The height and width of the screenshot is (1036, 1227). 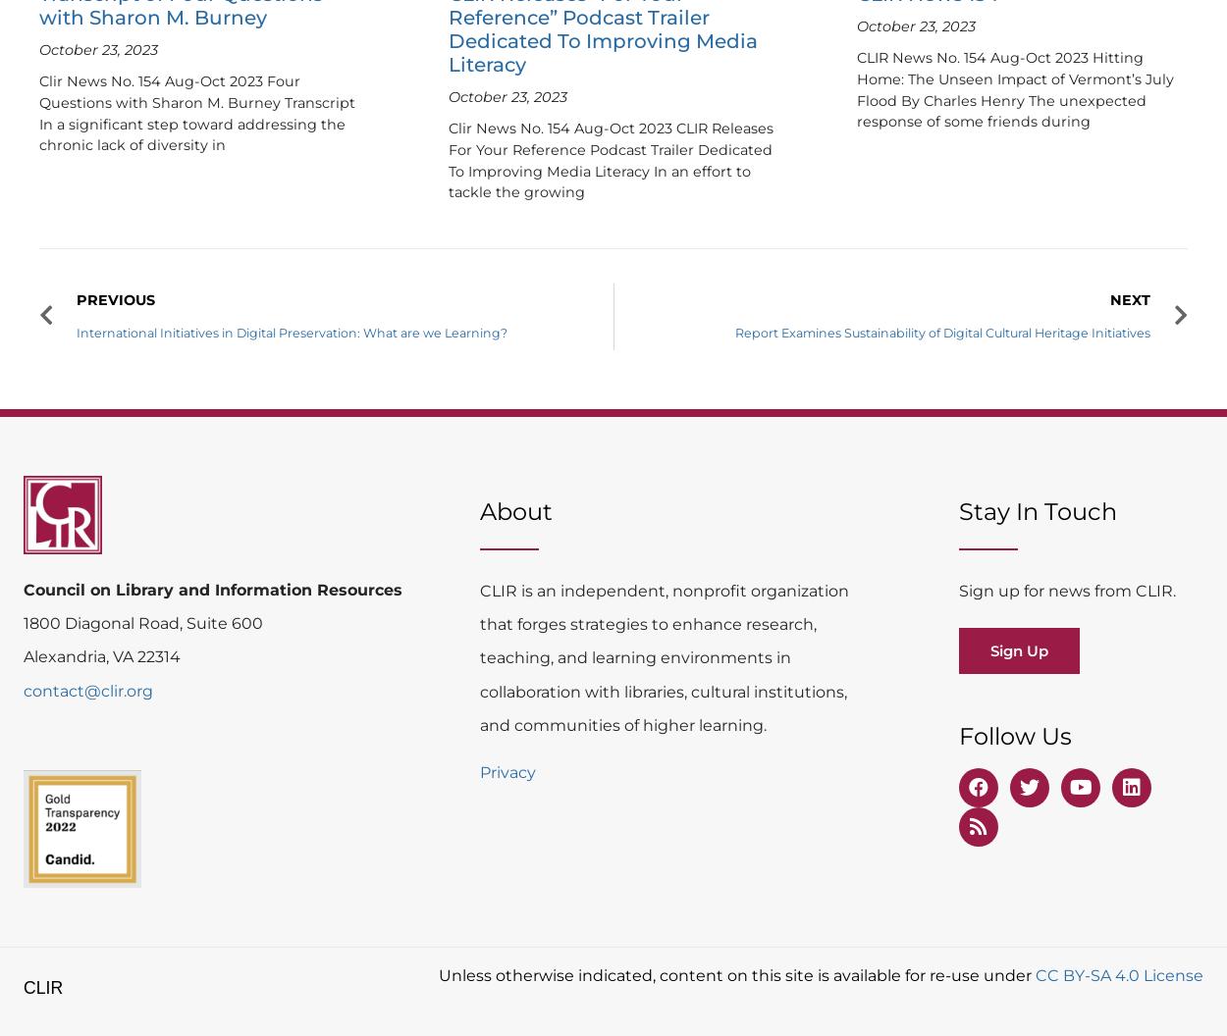 I want to click on 'Alexandria, VA 22314', so click(x=101, y=656).